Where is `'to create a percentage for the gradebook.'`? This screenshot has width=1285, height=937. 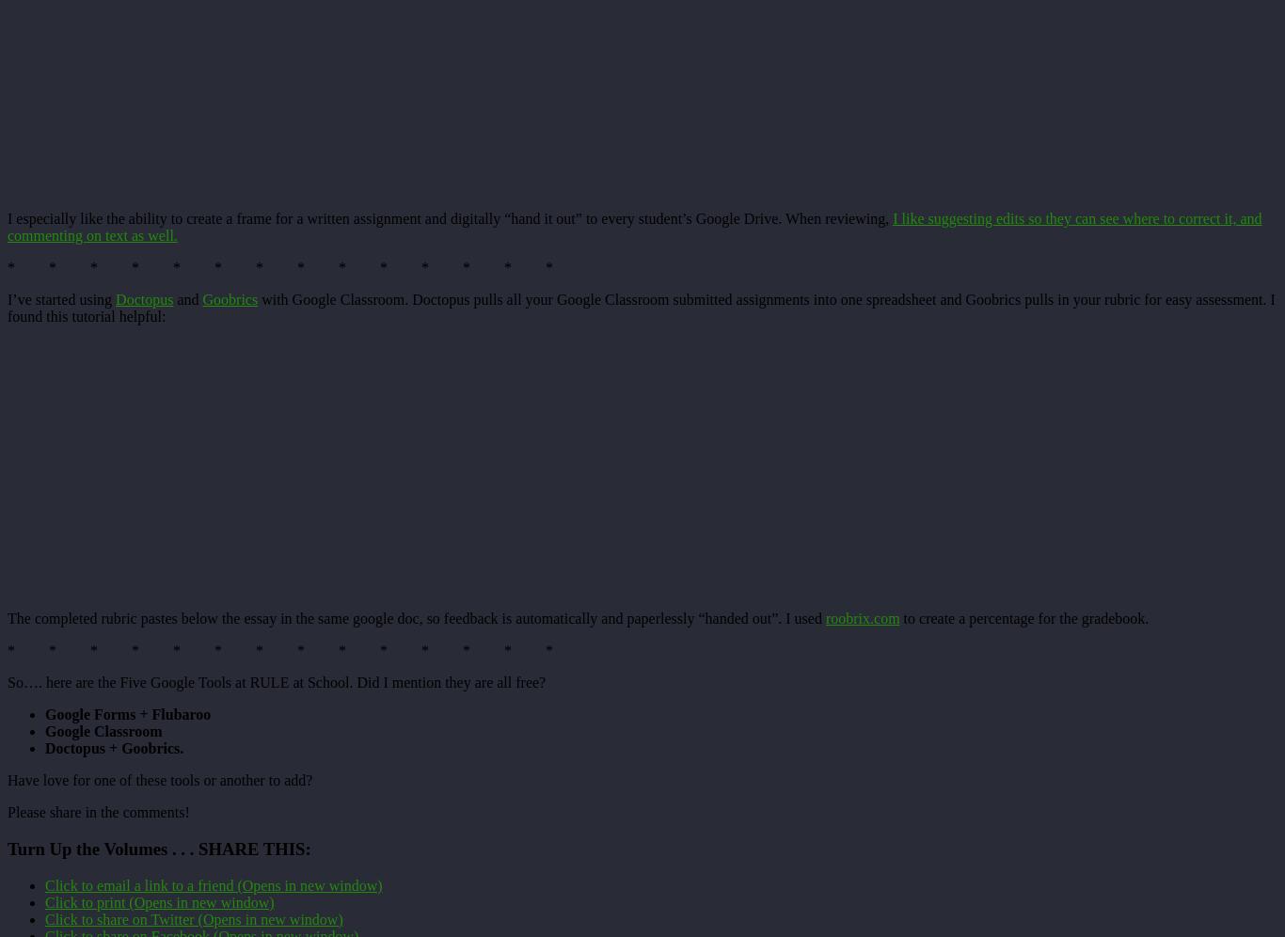
'to create a percentage for the gradebook.' is located at coordinates (1023, 617).